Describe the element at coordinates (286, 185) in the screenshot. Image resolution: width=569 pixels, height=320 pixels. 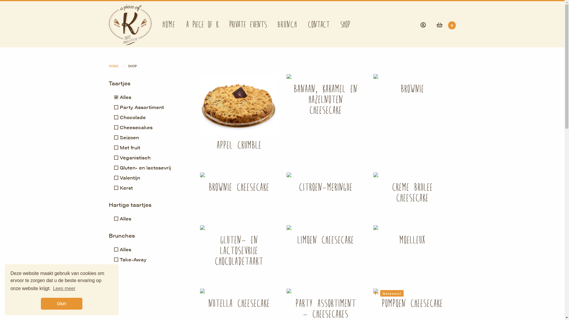
I see `'Citroen-Meringue'` at that location.